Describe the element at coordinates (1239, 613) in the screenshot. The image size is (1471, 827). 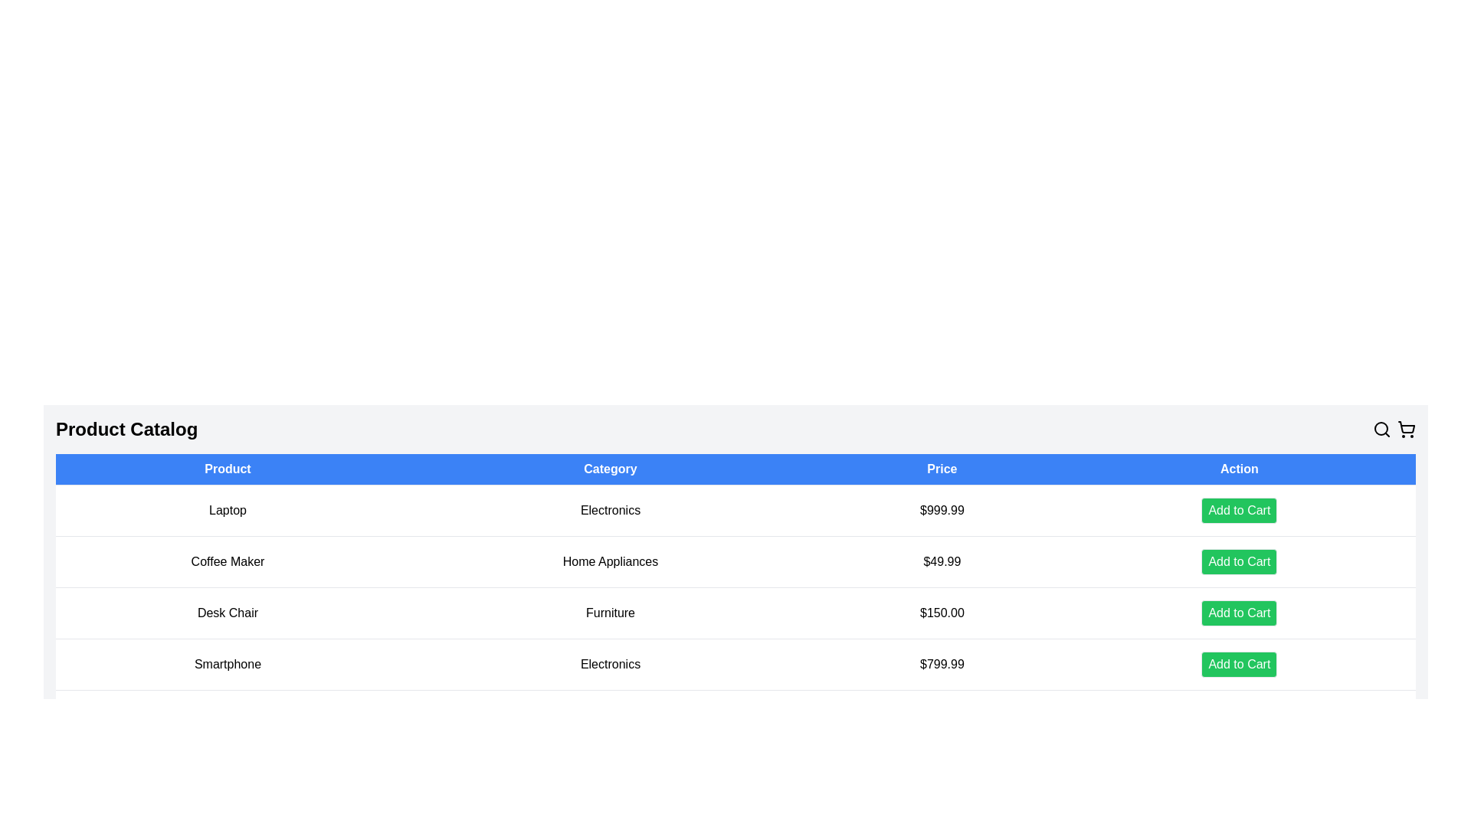
I see `the fourth button in the 'Action' column associated with the product 'Desk Chair' priced at '$150.00'` at that location.